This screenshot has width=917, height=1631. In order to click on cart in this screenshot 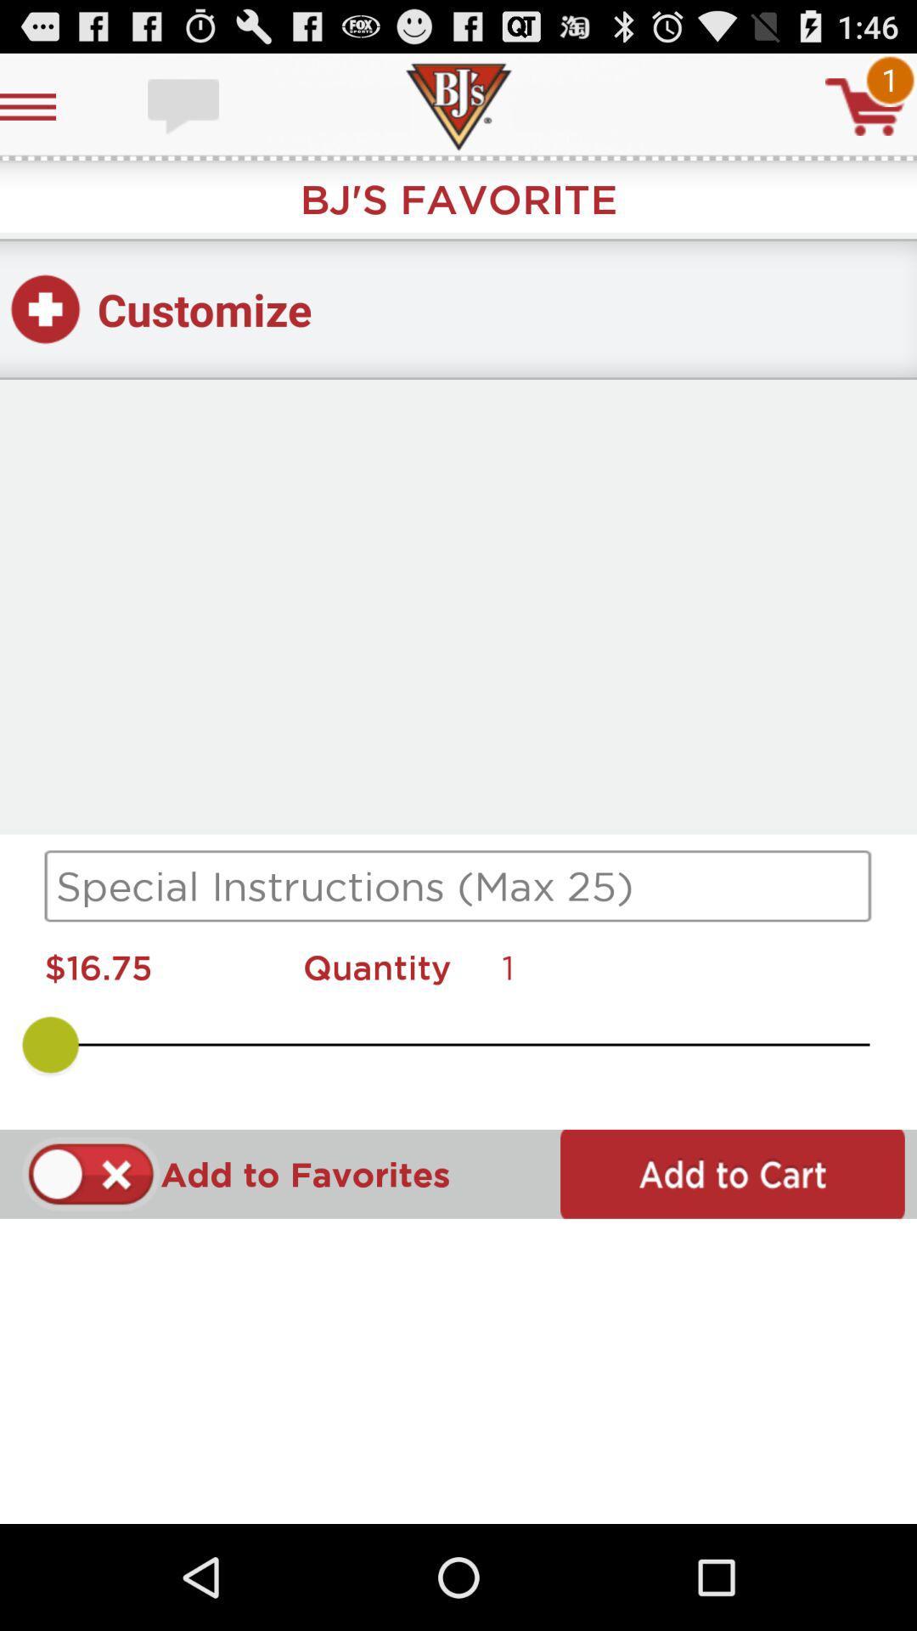, I will do `click(865, 105)`.